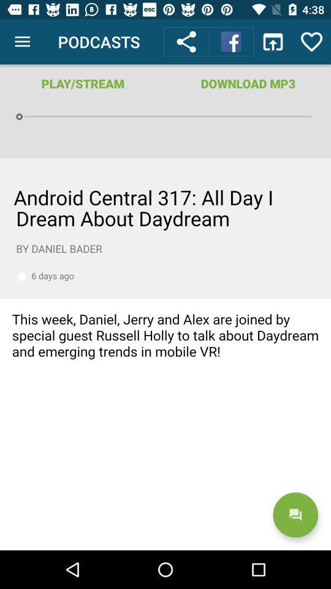 The width and height of the screenshot is (331, 589). Describe the element at coordinates (165, 354) in the screenshot. I see `highlight full content` at that location.